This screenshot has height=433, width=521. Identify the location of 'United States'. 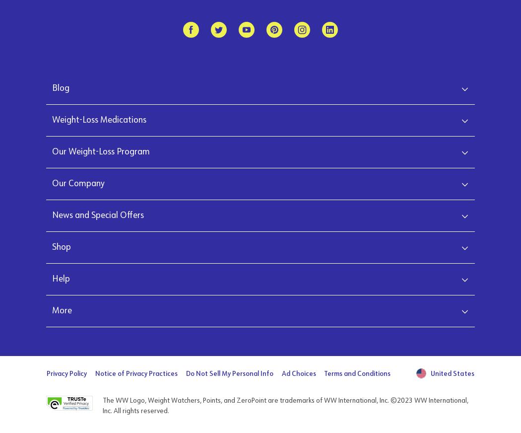
(452, 373).